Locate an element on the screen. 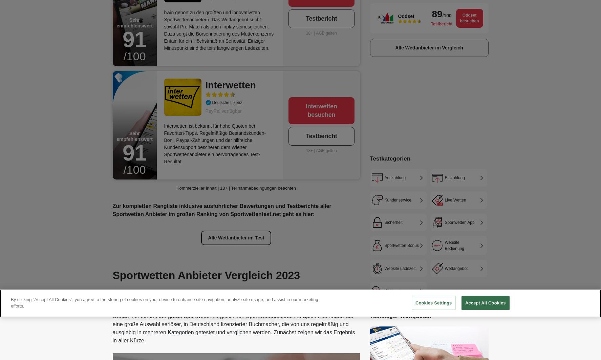  'Sportwetten Bonus' is located at coordinates (401, 245).